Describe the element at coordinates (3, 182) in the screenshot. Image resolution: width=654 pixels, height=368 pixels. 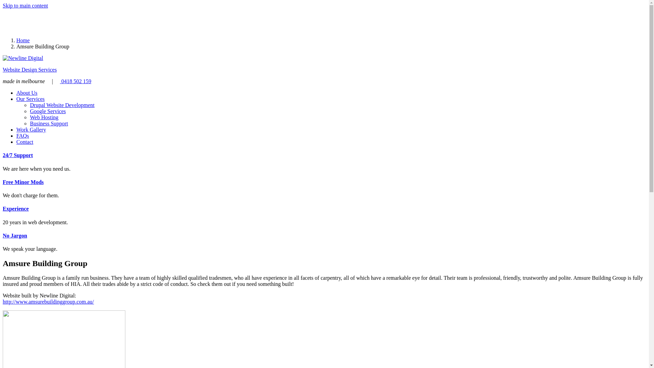
I see `'Free Minor Mods'` at that location.